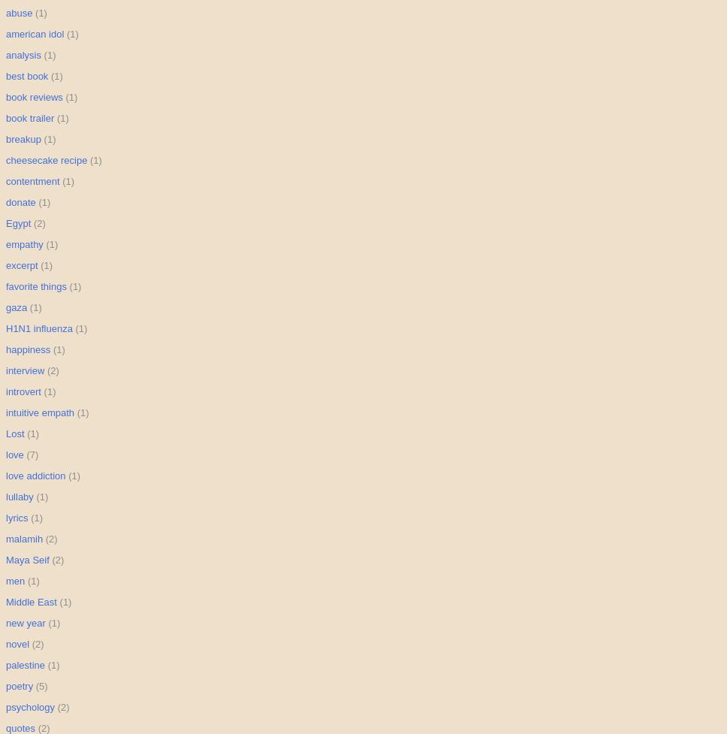  Describe the element at coordinates (6, 622) in the screenshot. I see `'new year'` at that location.